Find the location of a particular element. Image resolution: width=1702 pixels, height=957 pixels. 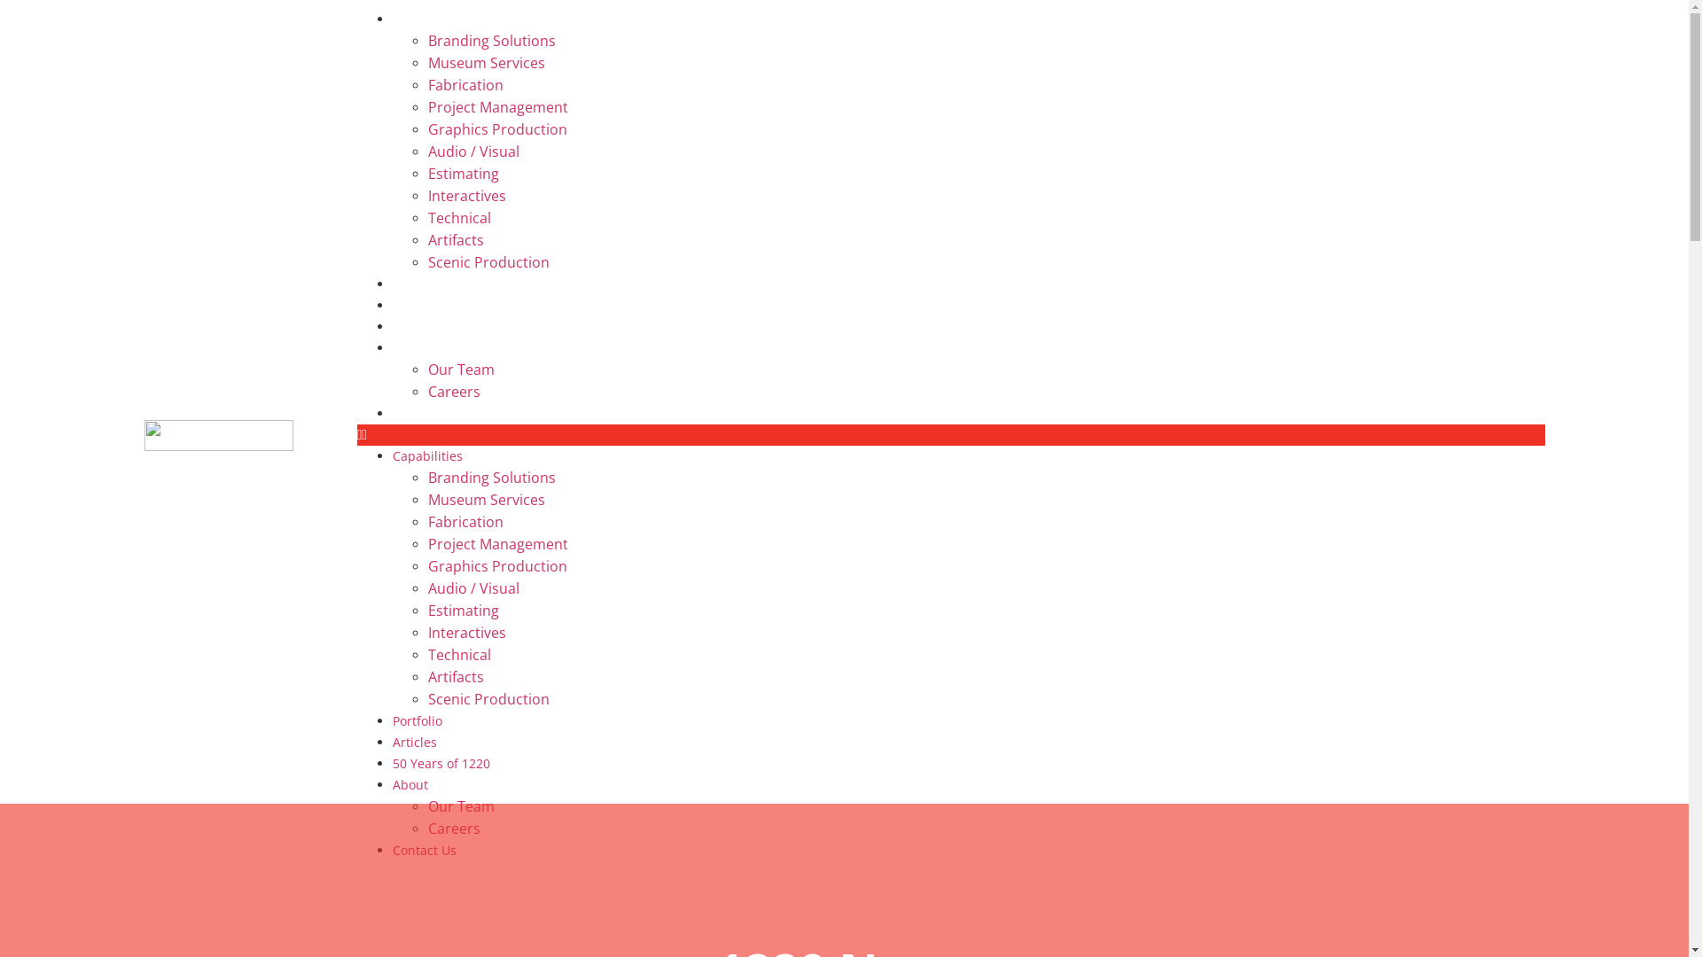

'Careers' is located at coordinates (426, 391).